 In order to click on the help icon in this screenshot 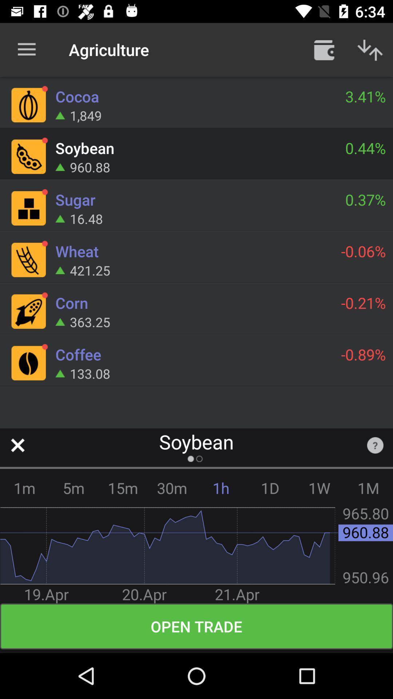, I will do `click(375, 445)`.